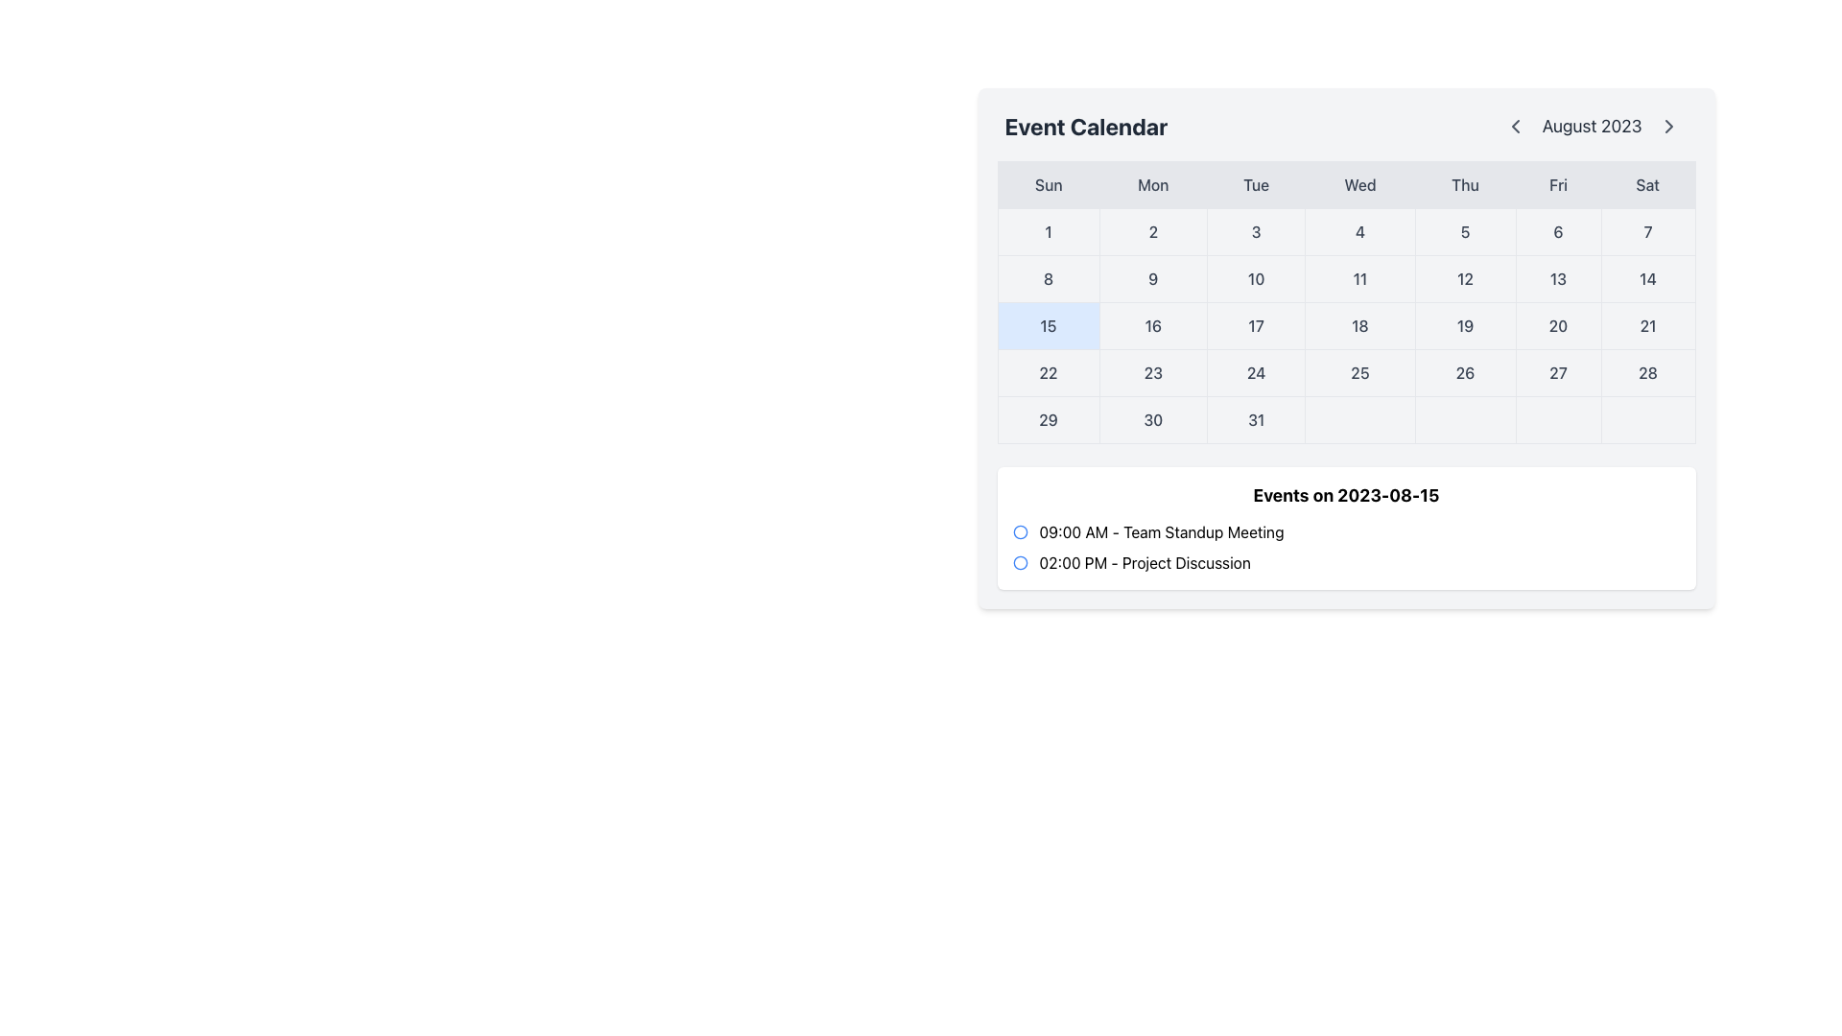  I want to click on the text label that reads 'Mon', which is the second text label in a row of day names within a calendar header, positioned between 'Sun' and 'Tue', so click(1152, 184).